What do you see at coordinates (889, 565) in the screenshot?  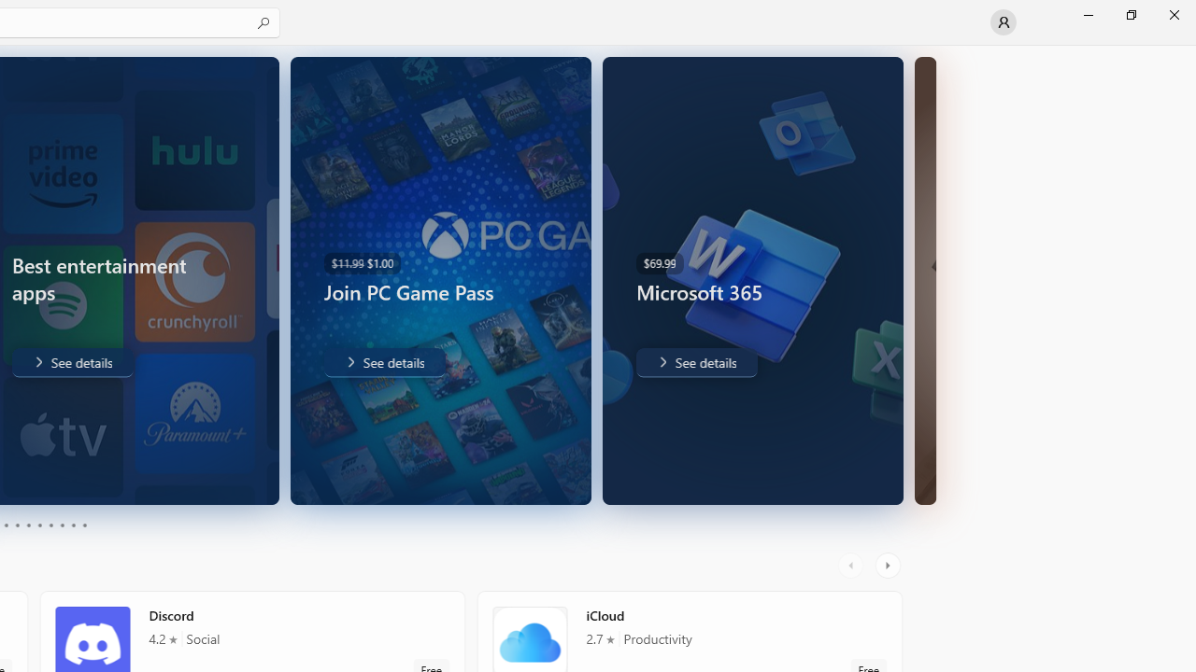 I see `'AutomationID: RightScrollButton'` at bounding box center [889, 565].